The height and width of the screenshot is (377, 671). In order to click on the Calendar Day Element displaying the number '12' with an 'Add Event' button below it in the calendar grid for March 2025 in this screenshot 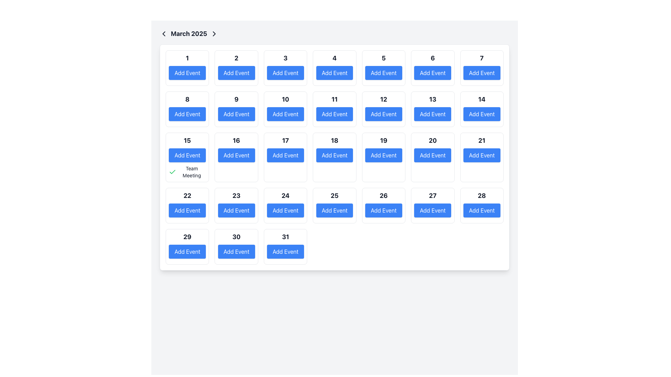, I will do `click(383, 109)`.